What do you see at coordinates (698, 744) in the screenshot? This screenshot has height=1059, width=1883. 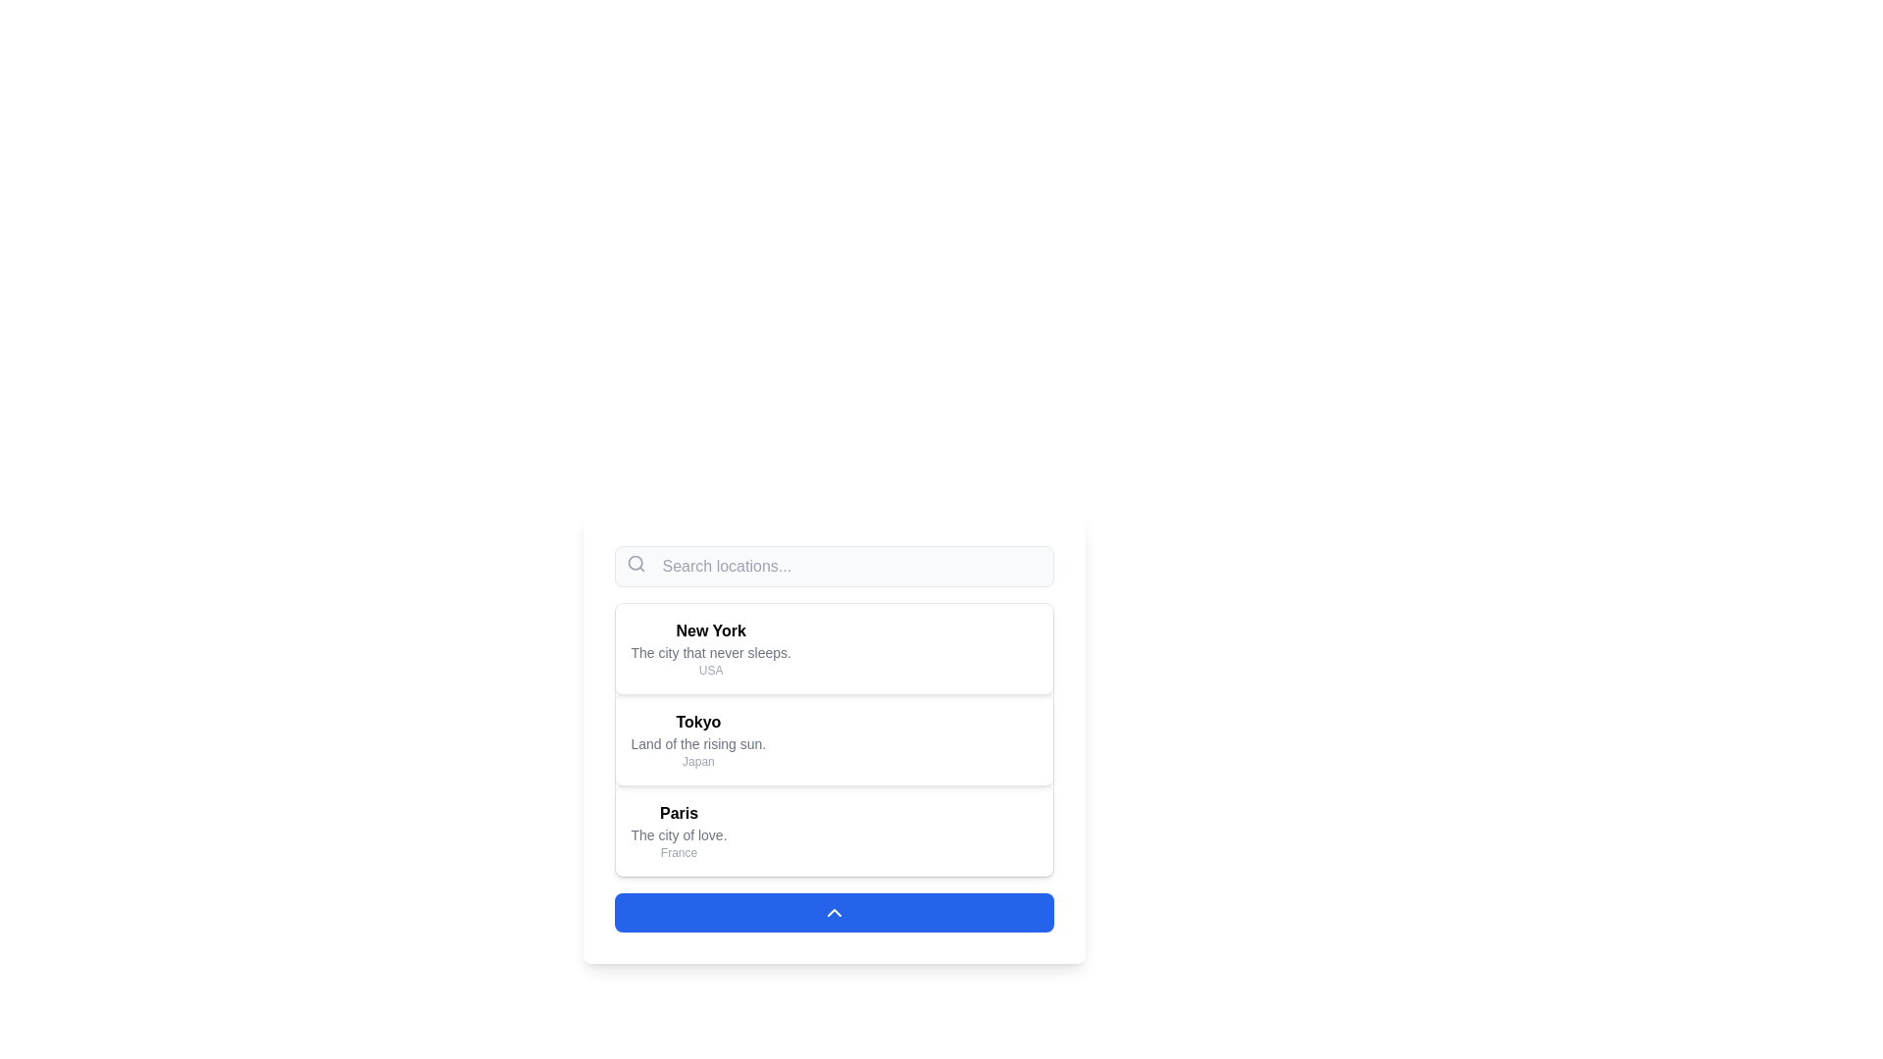 I see `the static text label that displays 'Land of the rising sun.', which is positioned directly under the bold text 'Tokyo'` at bounding box center [698, 744].